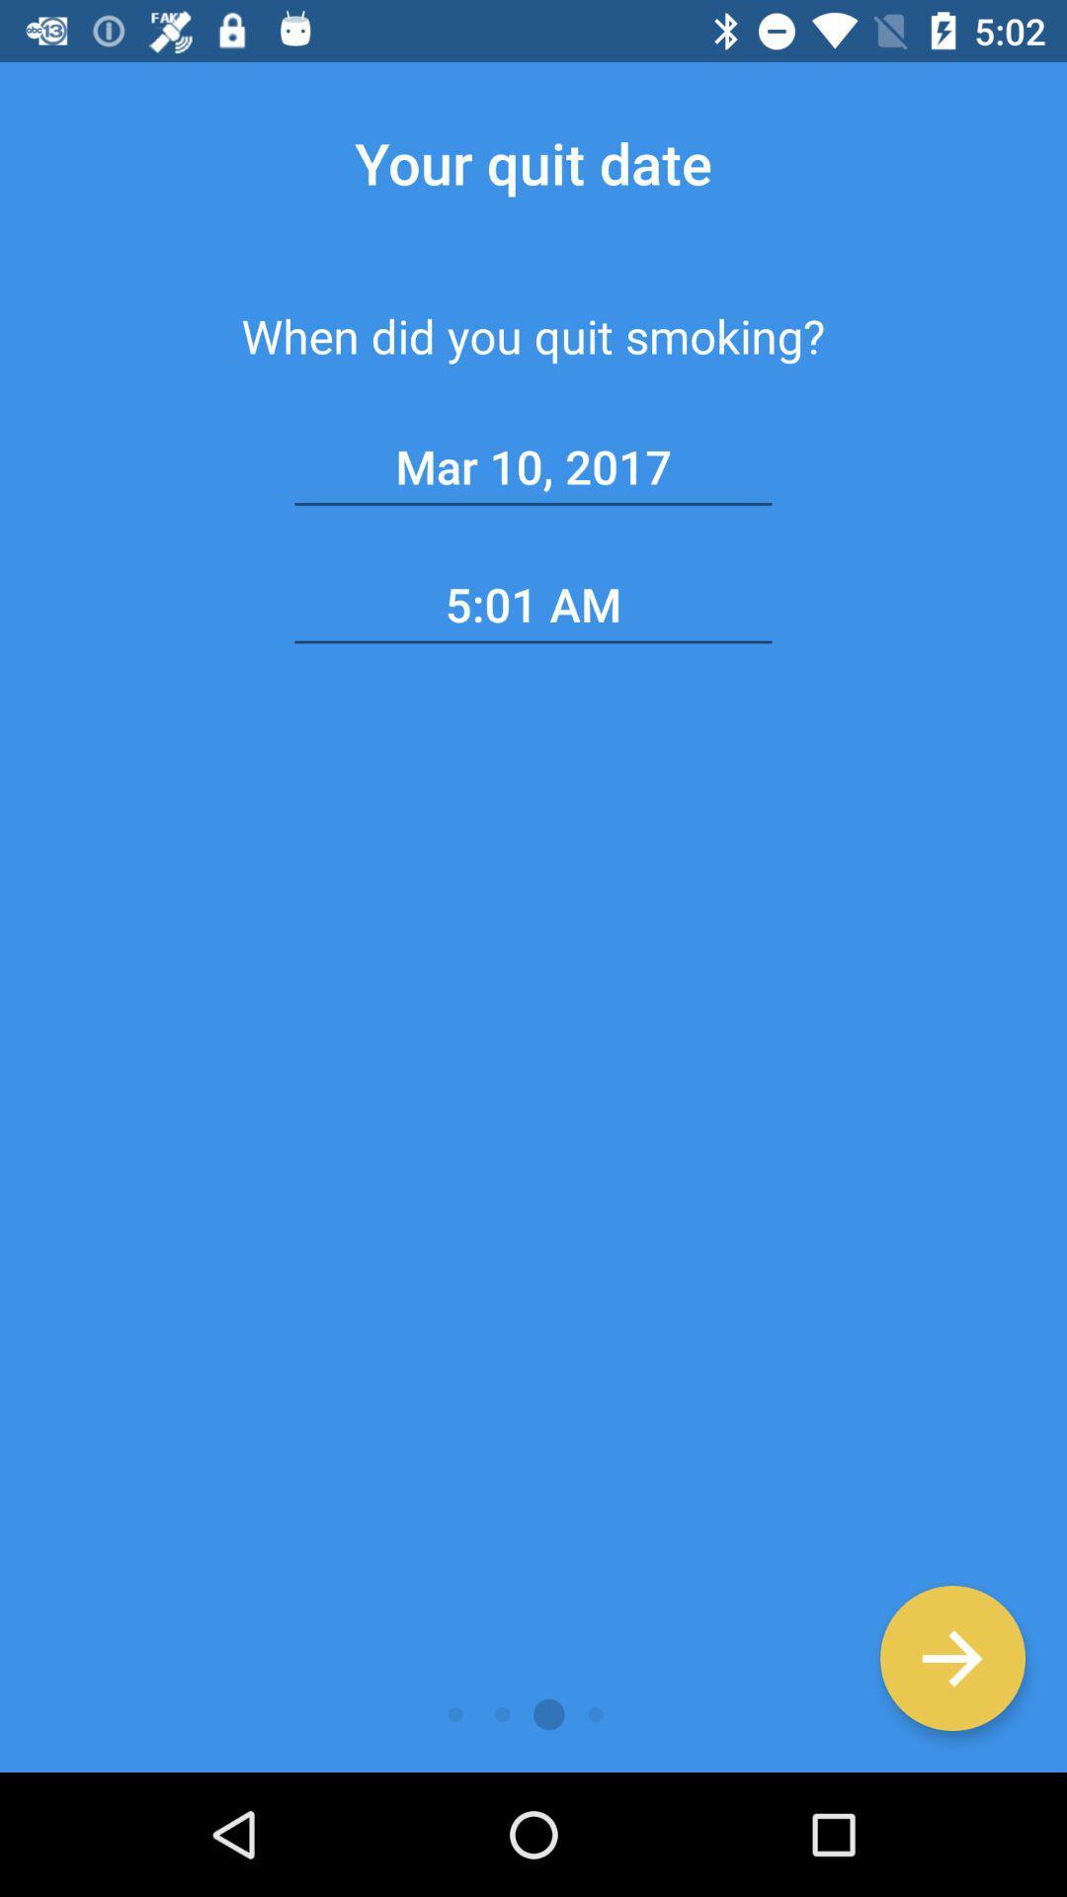 The height and width of the screenshot is (1897, 1067). What do you see at coordinates (533, 466) in the screenshot?
I see `the icon above 5:01 am icon` at bounding box center [533, 466].